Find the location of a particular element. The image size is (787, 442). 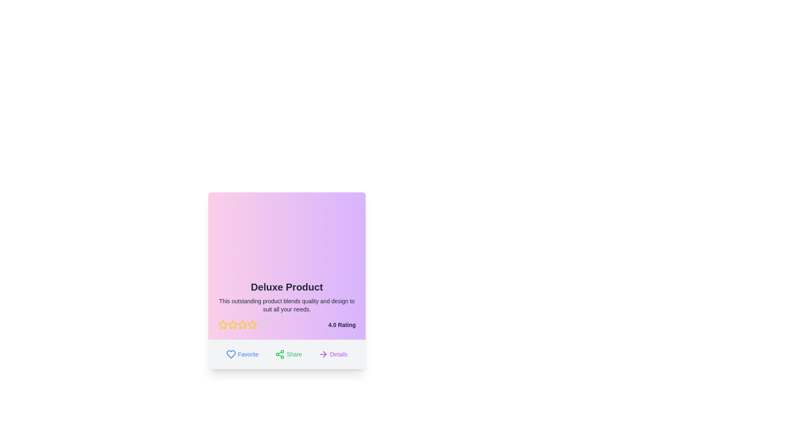

the second star icon in the five-star rating system is located at coordinates (232, 324).